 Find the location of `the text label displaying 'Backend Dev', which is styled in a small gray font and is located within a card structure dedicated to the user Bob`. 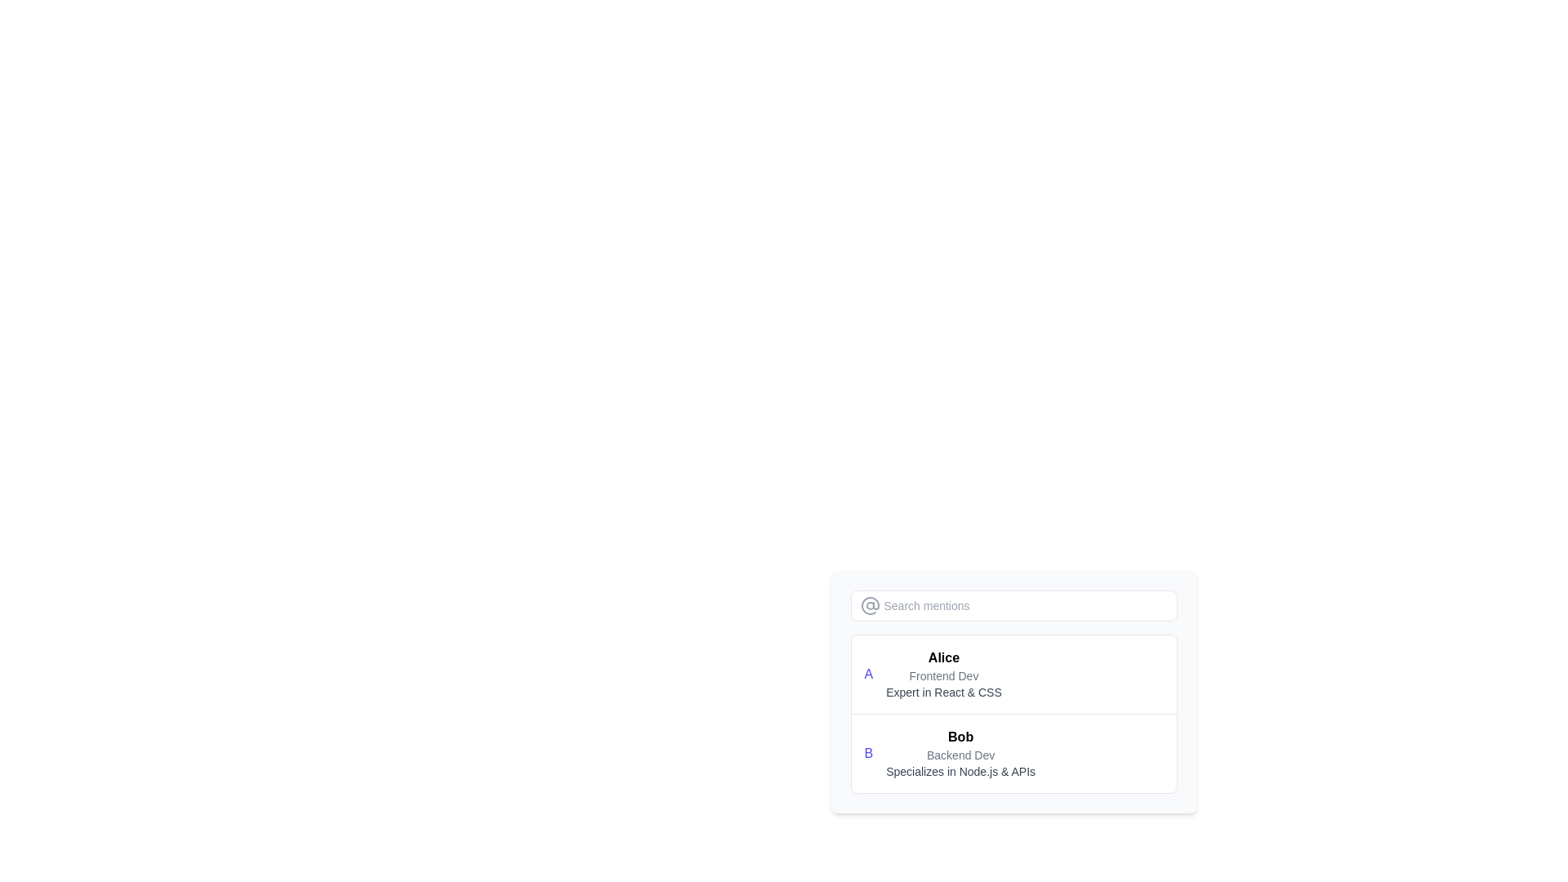

the text label displaying 'Backend Dev', which is styled in a small gray font and is located within a card structure dedicated to the user Bob is located at coordinates (960, 755).